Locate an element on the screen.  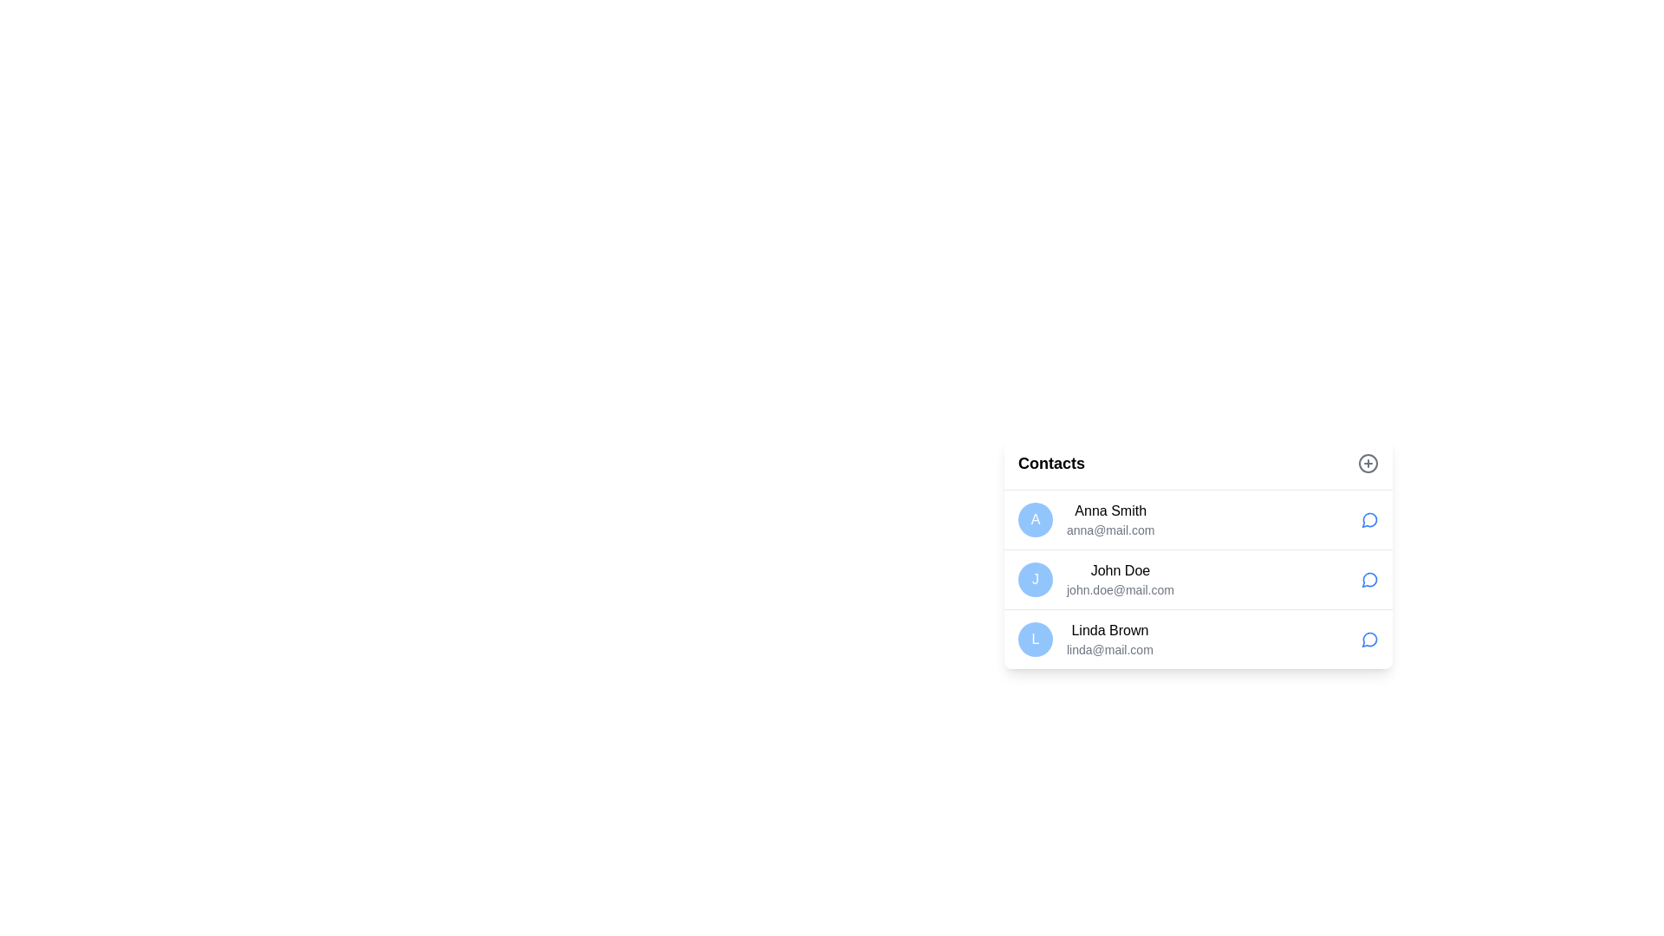
the chat icon located at the far right of the row containing 'Linda Brown' and 'linda@mail.com' is located at coordinates (1368, 639).